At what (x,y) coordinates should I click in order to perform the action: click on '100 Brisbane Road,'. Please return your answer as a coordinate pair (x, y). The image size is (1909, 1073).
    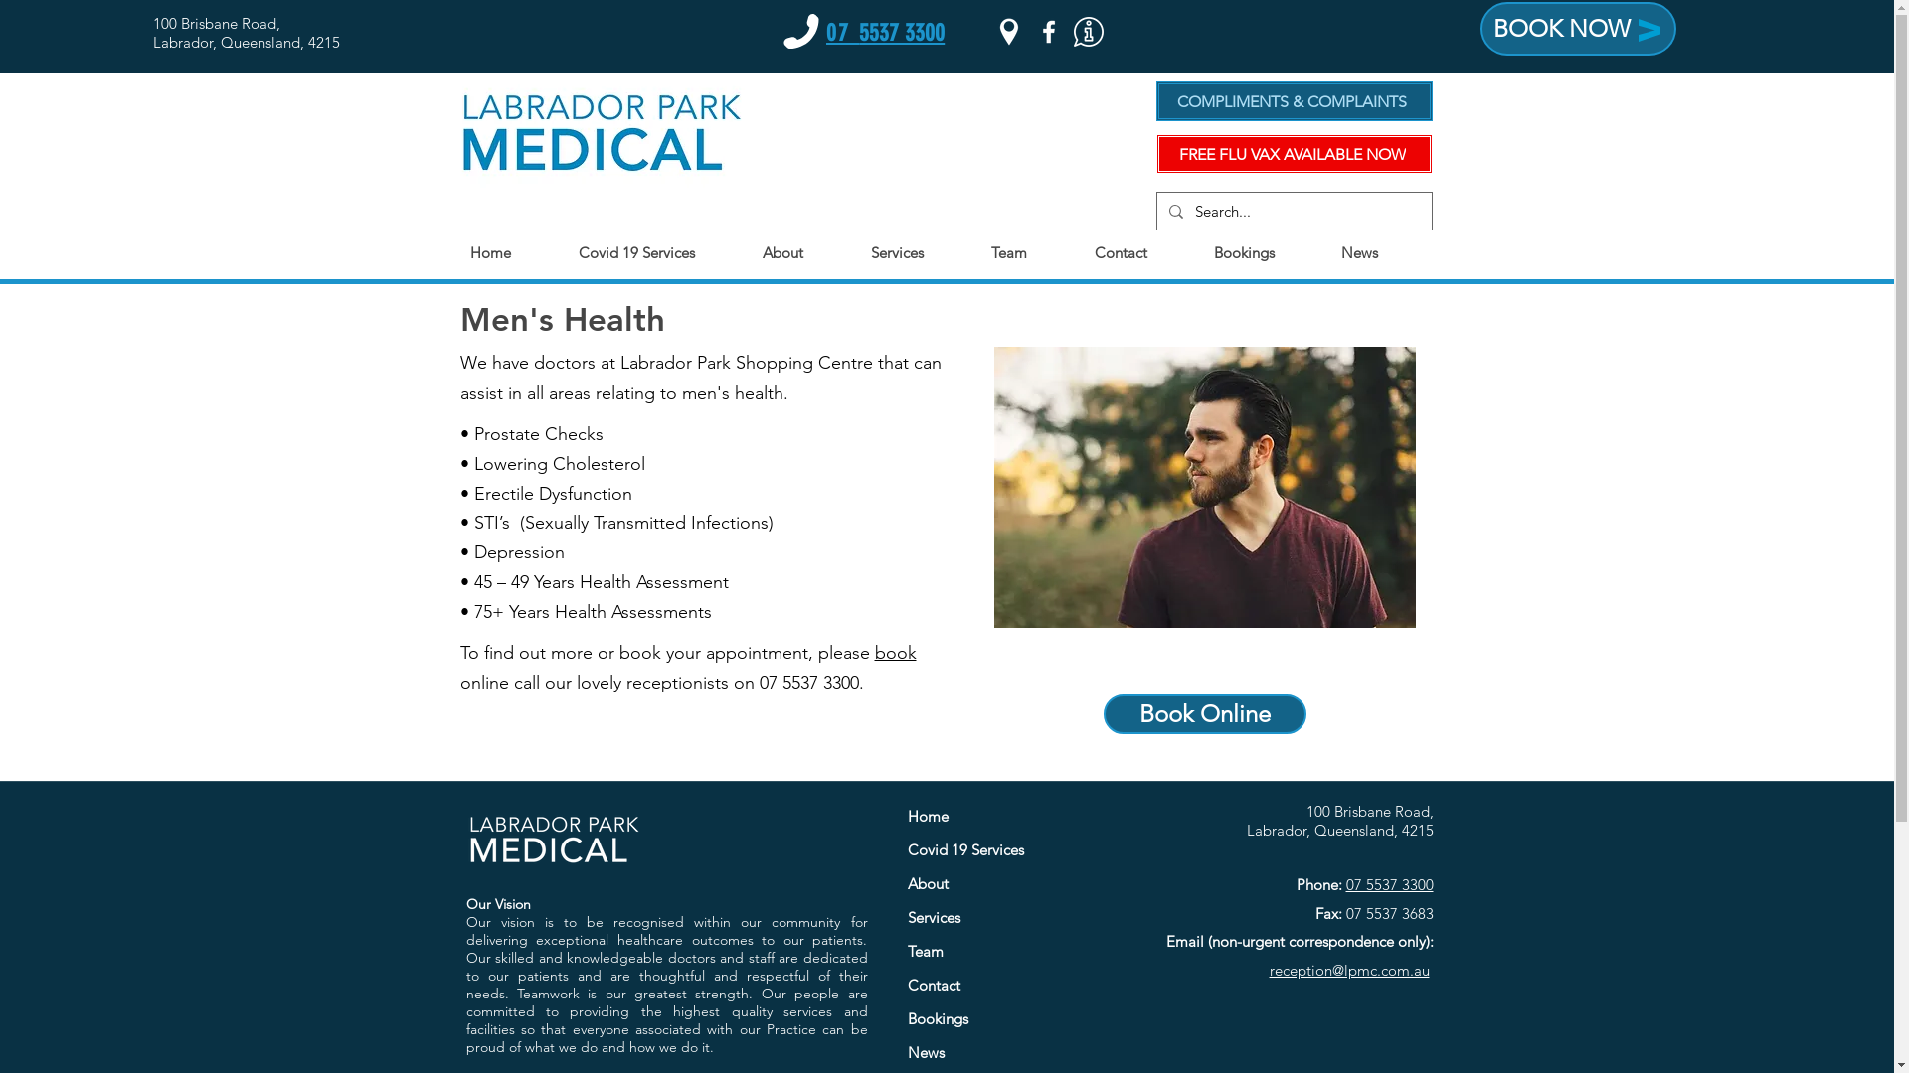
    Looking at the image, I should click on (216, 23).